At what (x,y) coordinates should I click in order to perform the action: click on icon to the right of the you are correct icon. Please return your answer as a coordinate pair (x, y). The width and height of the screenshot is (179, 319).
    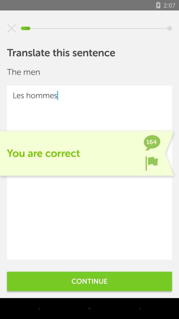
    Looking at the image, I should click on (151, 163).